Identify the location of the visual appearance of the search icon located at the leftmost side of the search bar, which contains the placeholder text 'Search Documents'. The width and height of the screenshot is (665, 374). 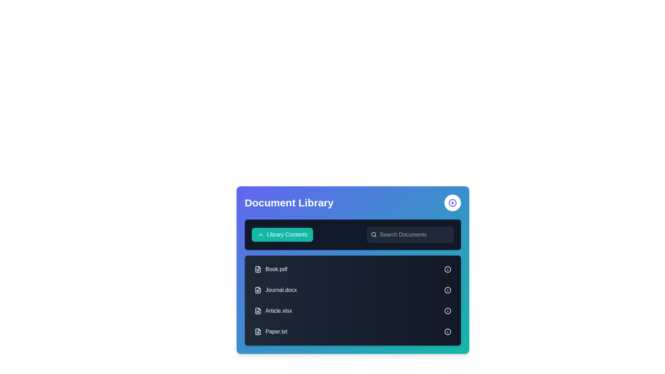
(373, 234).